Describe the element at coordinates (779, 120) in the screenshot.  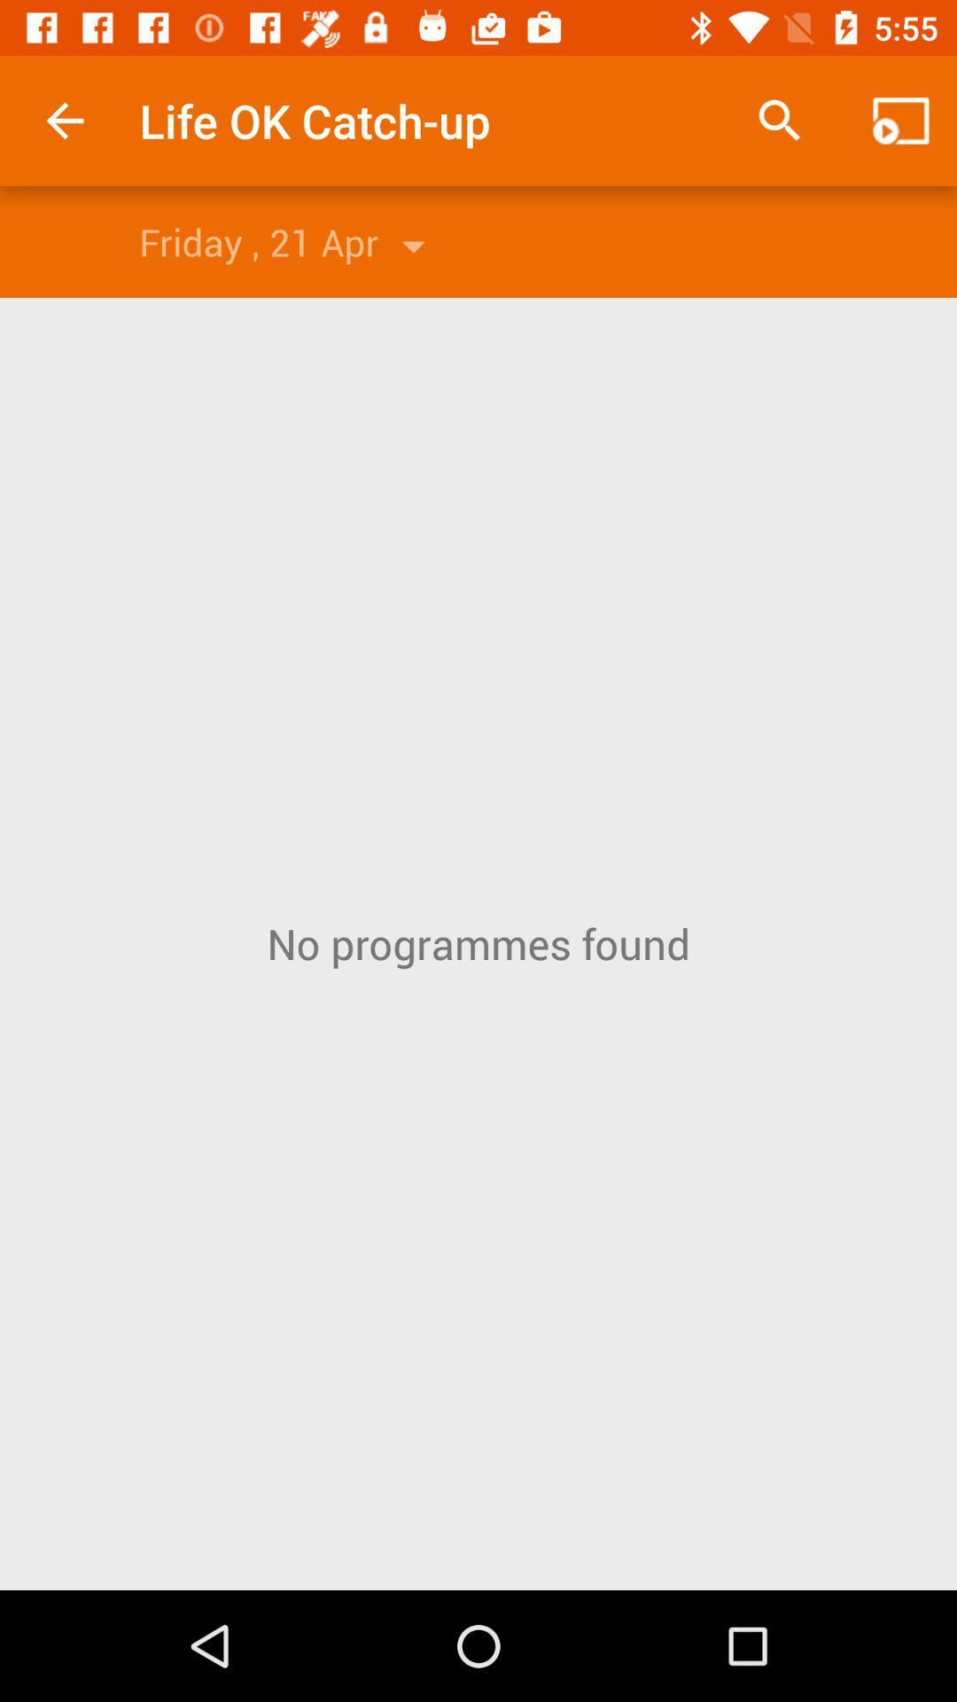
I see `the item next to life ok catch app` at that location.